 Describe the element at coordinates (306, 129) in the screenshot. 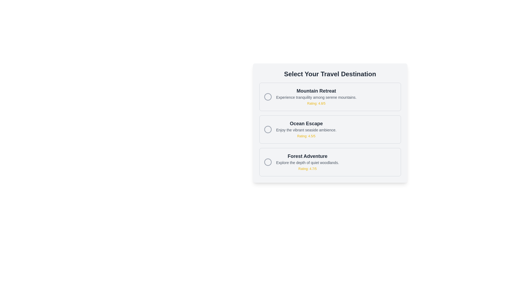

I see `the 'Ocean Escape' text block` at that location.